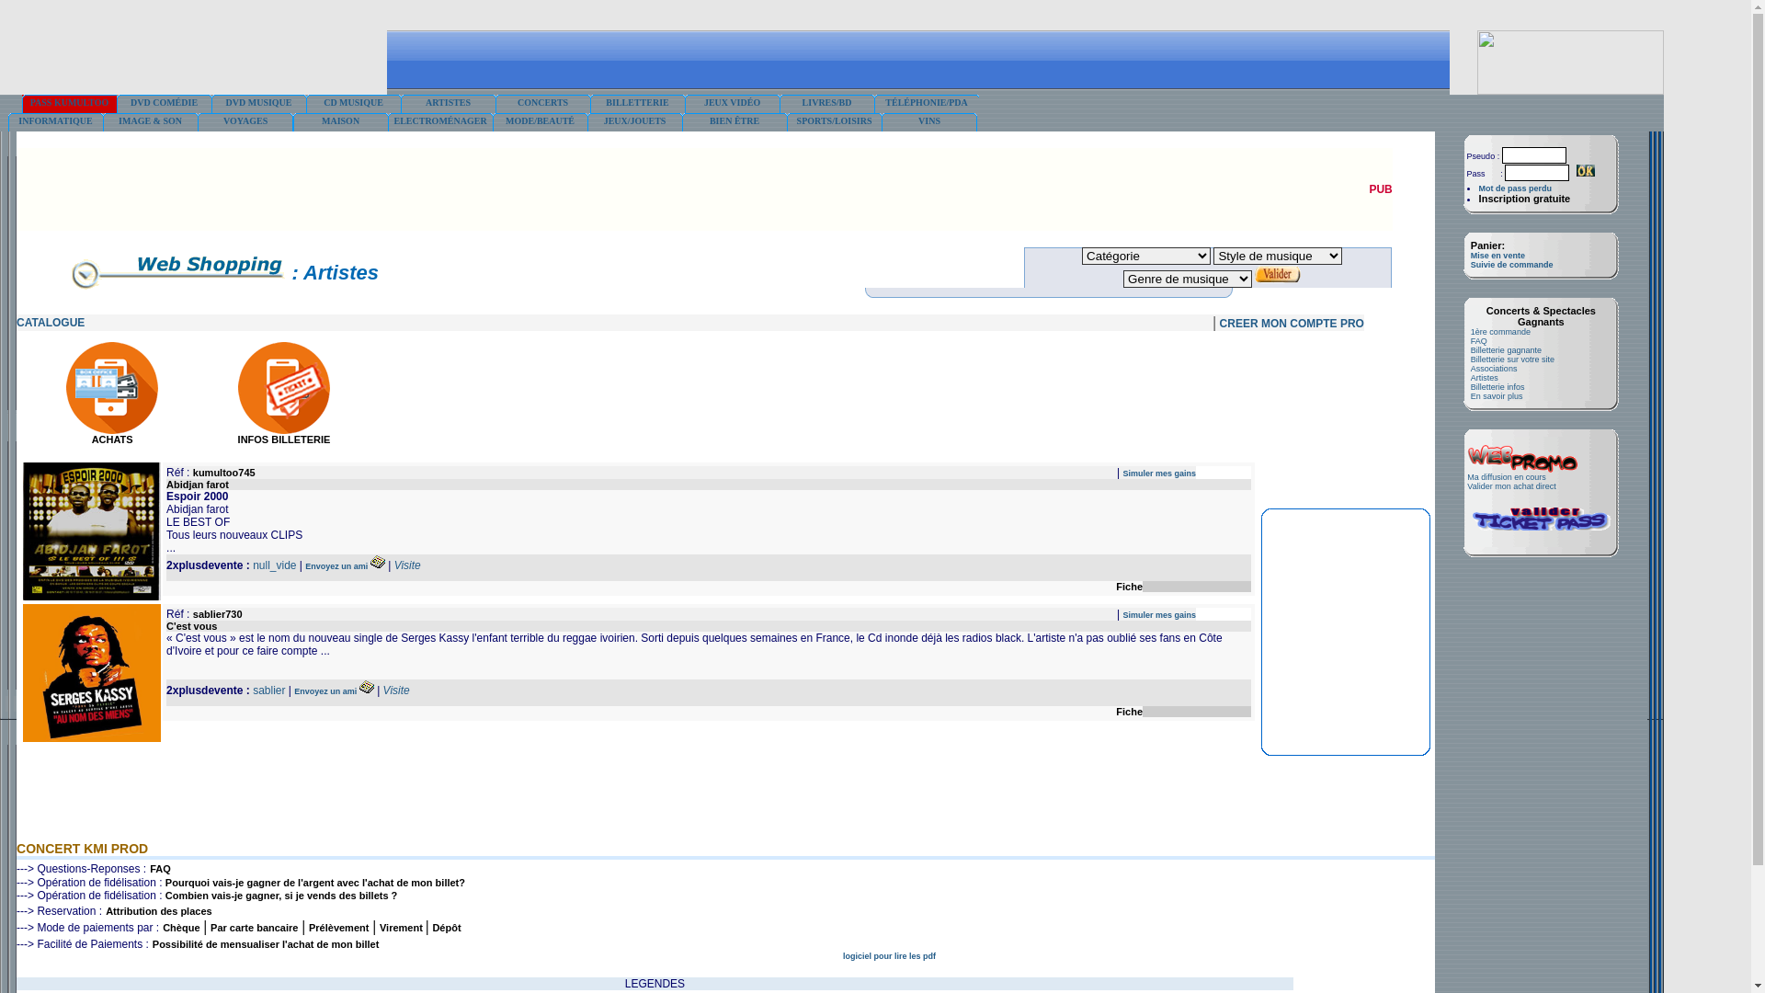 The height and width of the screenshot is (993, 1765). I want to click on 'Valider mon achat direct', so click(1510, 485).